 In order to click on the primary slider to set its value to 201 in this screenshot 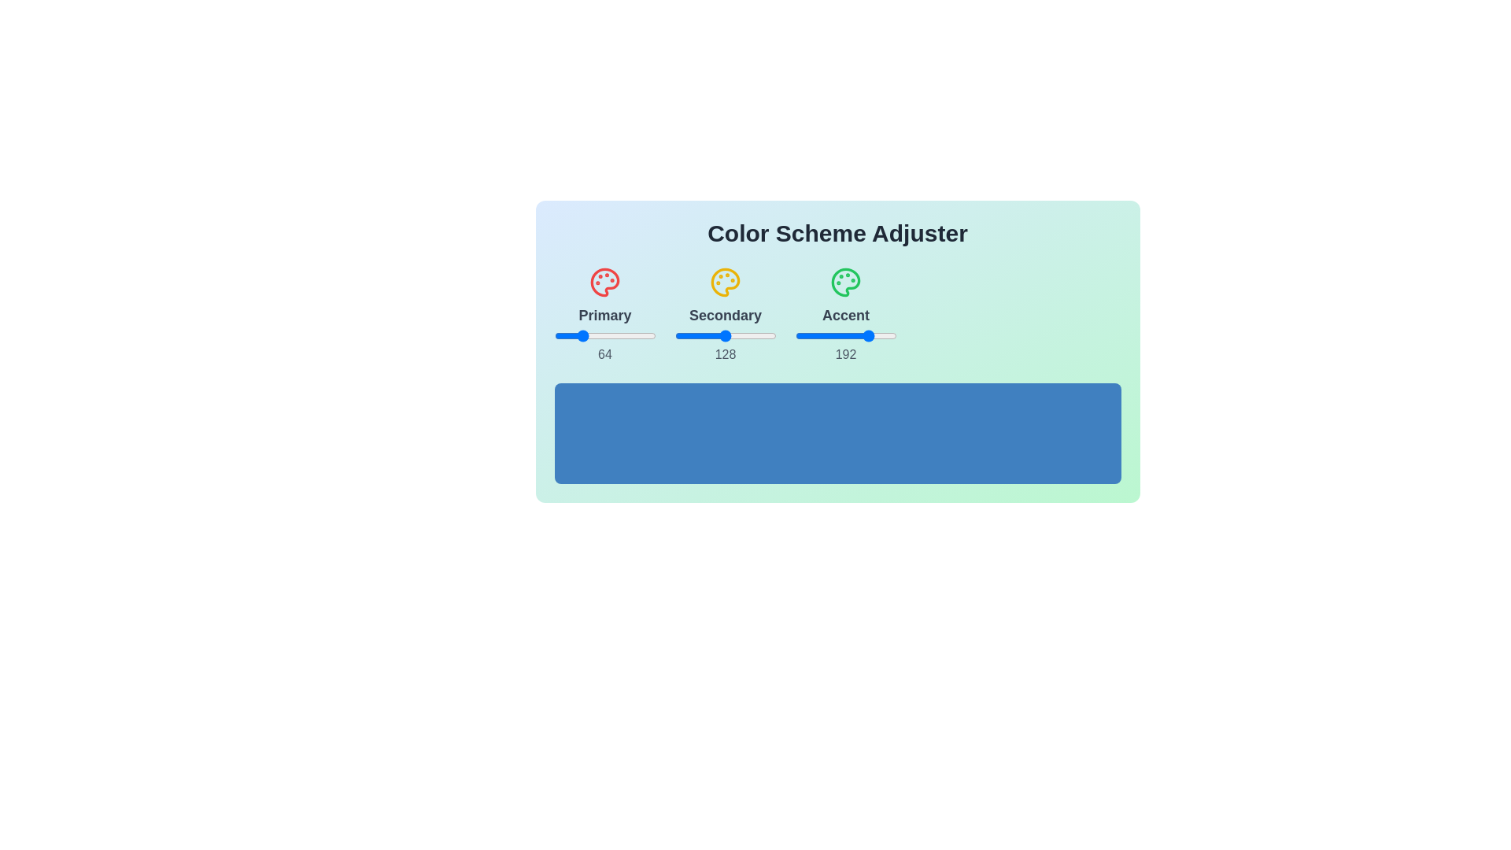, I will do `click(634, 335)`.